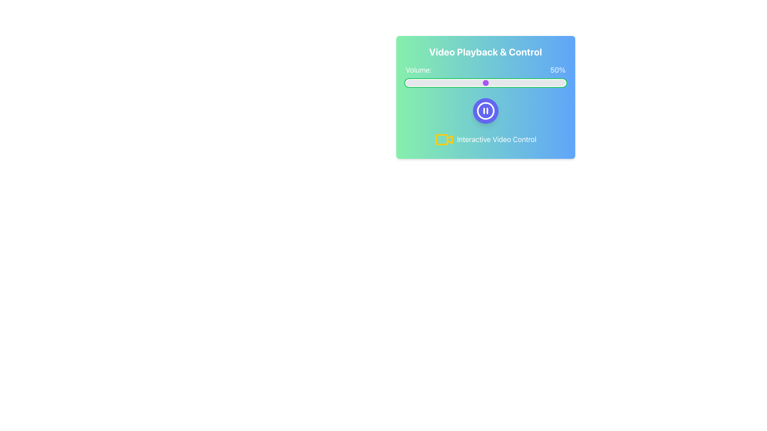 Image resolution: width=767 pixels, height=431 pixels. I want to click on the SVG graphic icon representing video-related functions located to the left of the text 'Interactive Video Control', so click(444, 139).